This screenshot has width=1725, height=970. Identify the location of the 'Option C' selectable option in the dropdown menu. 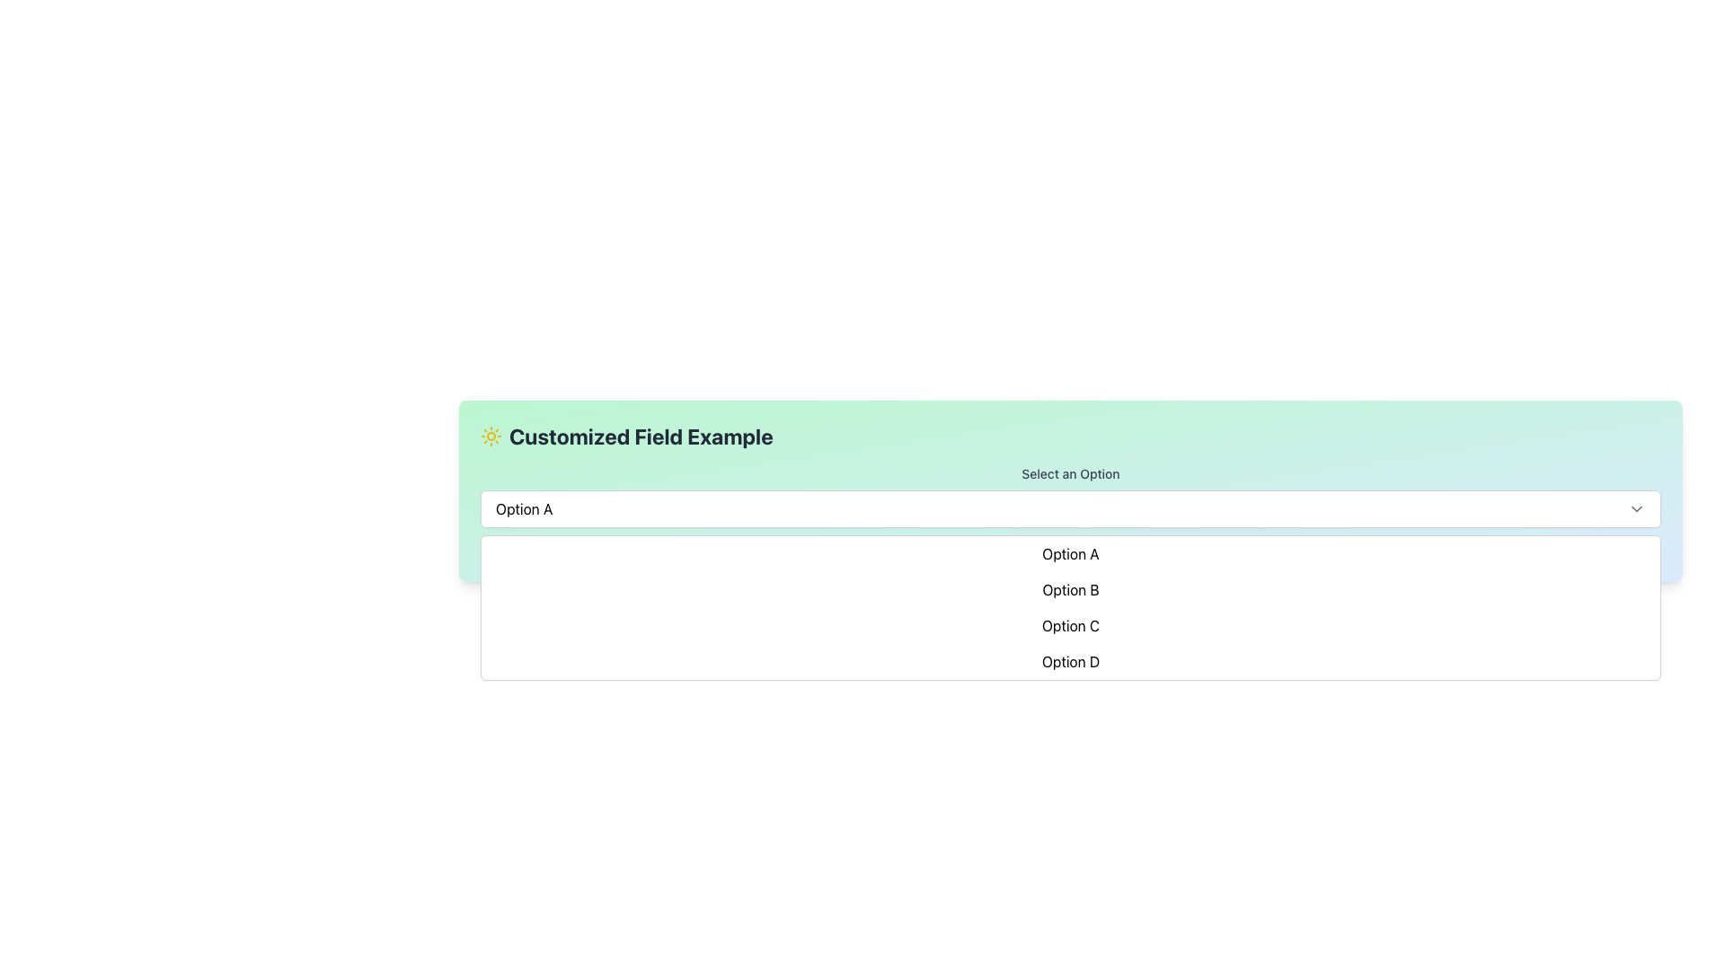
(1070, 625).